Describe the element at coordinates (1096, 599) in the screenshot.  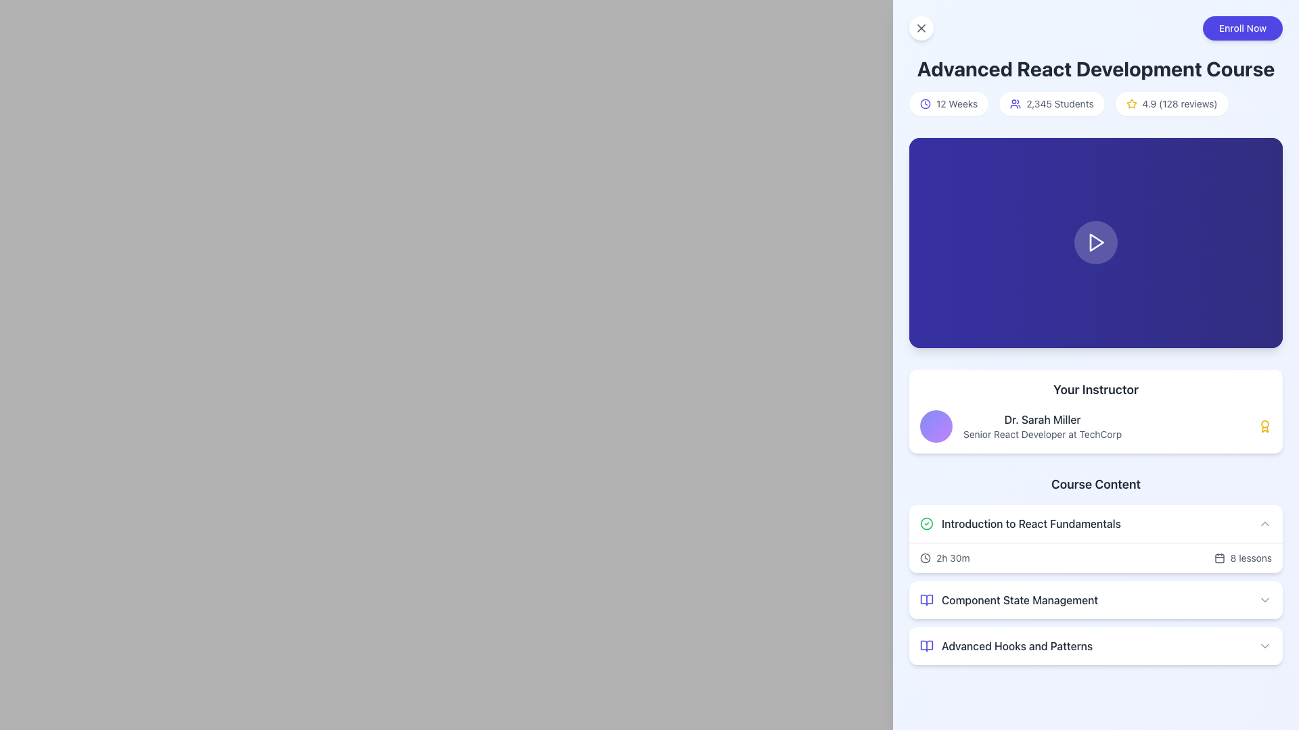
I see `the expandable list item labeled 'Component State Management' to receive interaction feedback` at that location.